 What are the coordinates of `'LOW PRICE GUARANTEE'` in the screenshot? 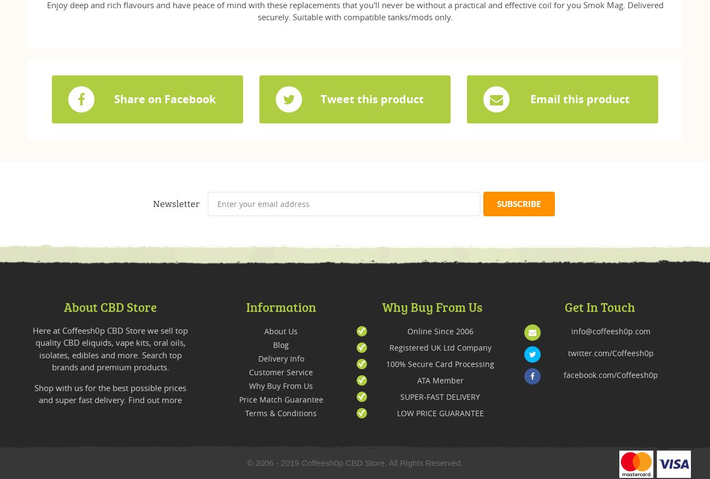 It's located at (439, 412).